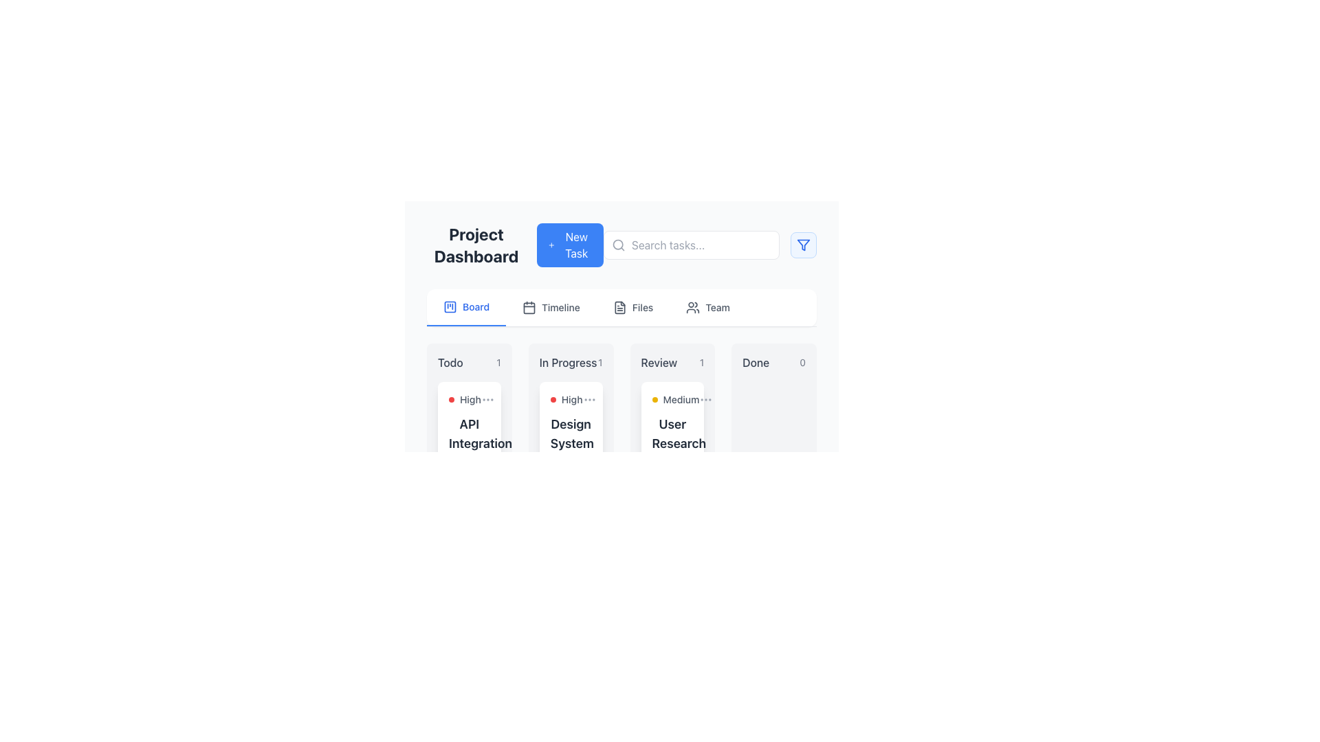  What do you see at coordinates (450, 306) in the screenshot?
I see `the kanban board icon located in the navigation bar, which serves as a visual representation for dashboard navigation` at bounding box center [450, 306].